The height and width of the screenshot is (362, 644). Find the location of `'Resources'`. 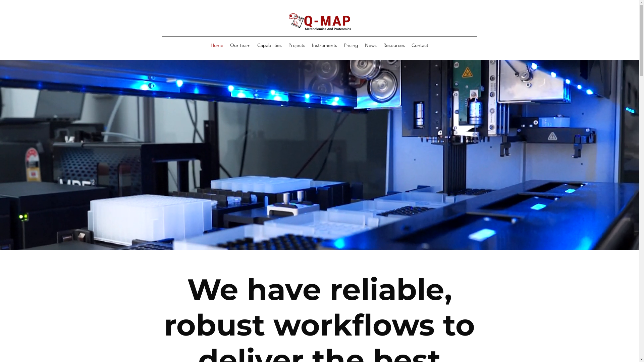

'Resources' is located at coordinates (394, 45).